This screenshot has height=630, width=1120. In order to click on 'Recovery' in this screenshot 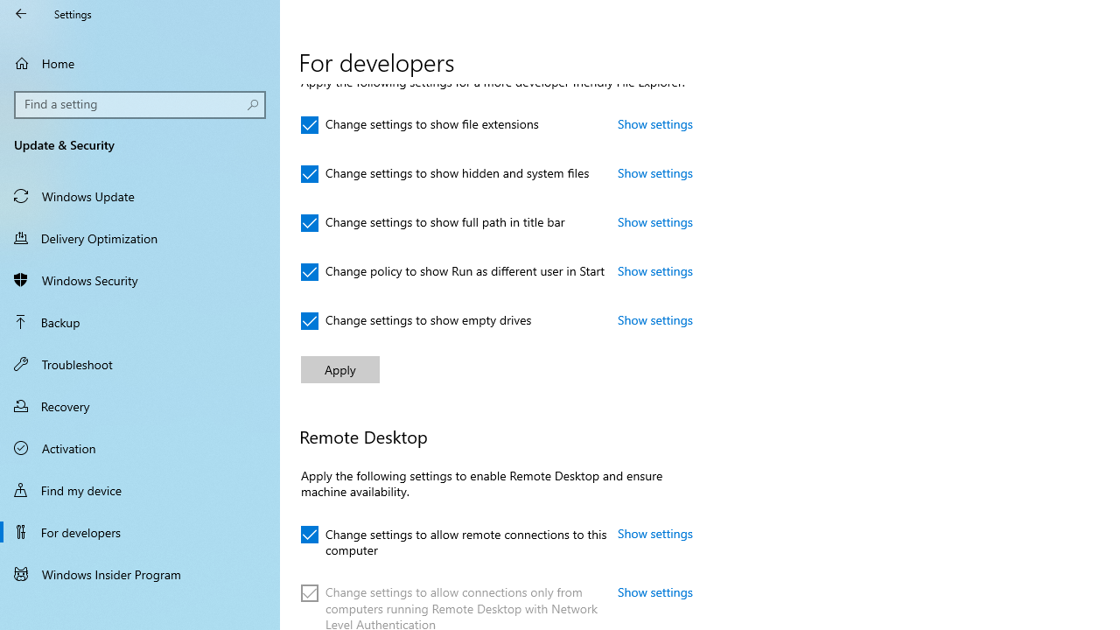, I will do `click(140, 406)`.